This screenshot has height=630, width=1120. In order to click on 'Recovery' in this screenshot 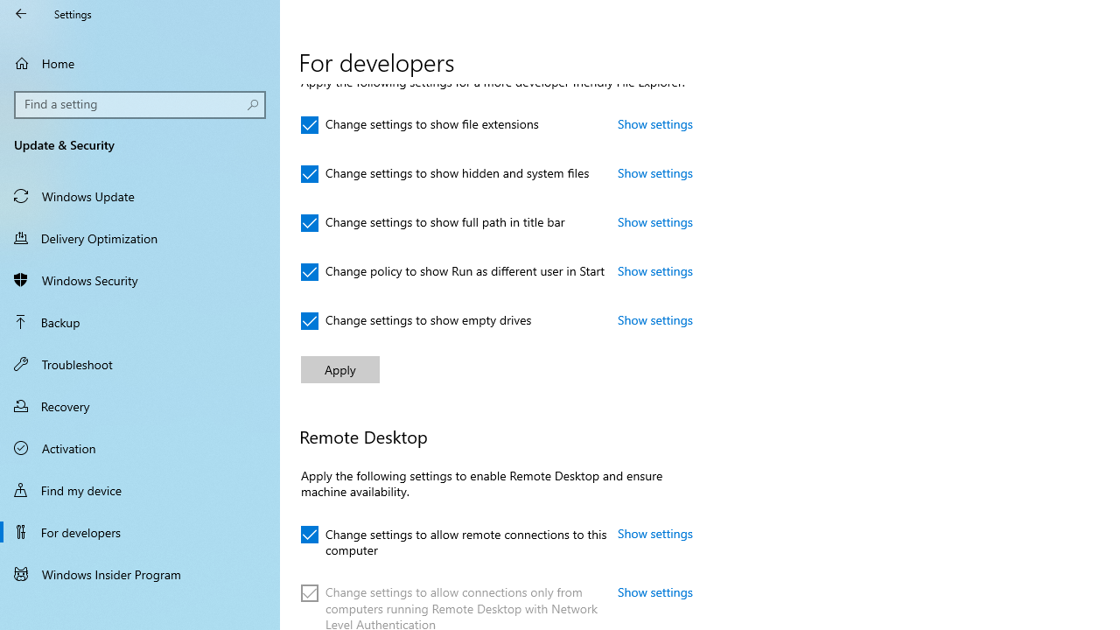, I will do `click(140, 406)`.